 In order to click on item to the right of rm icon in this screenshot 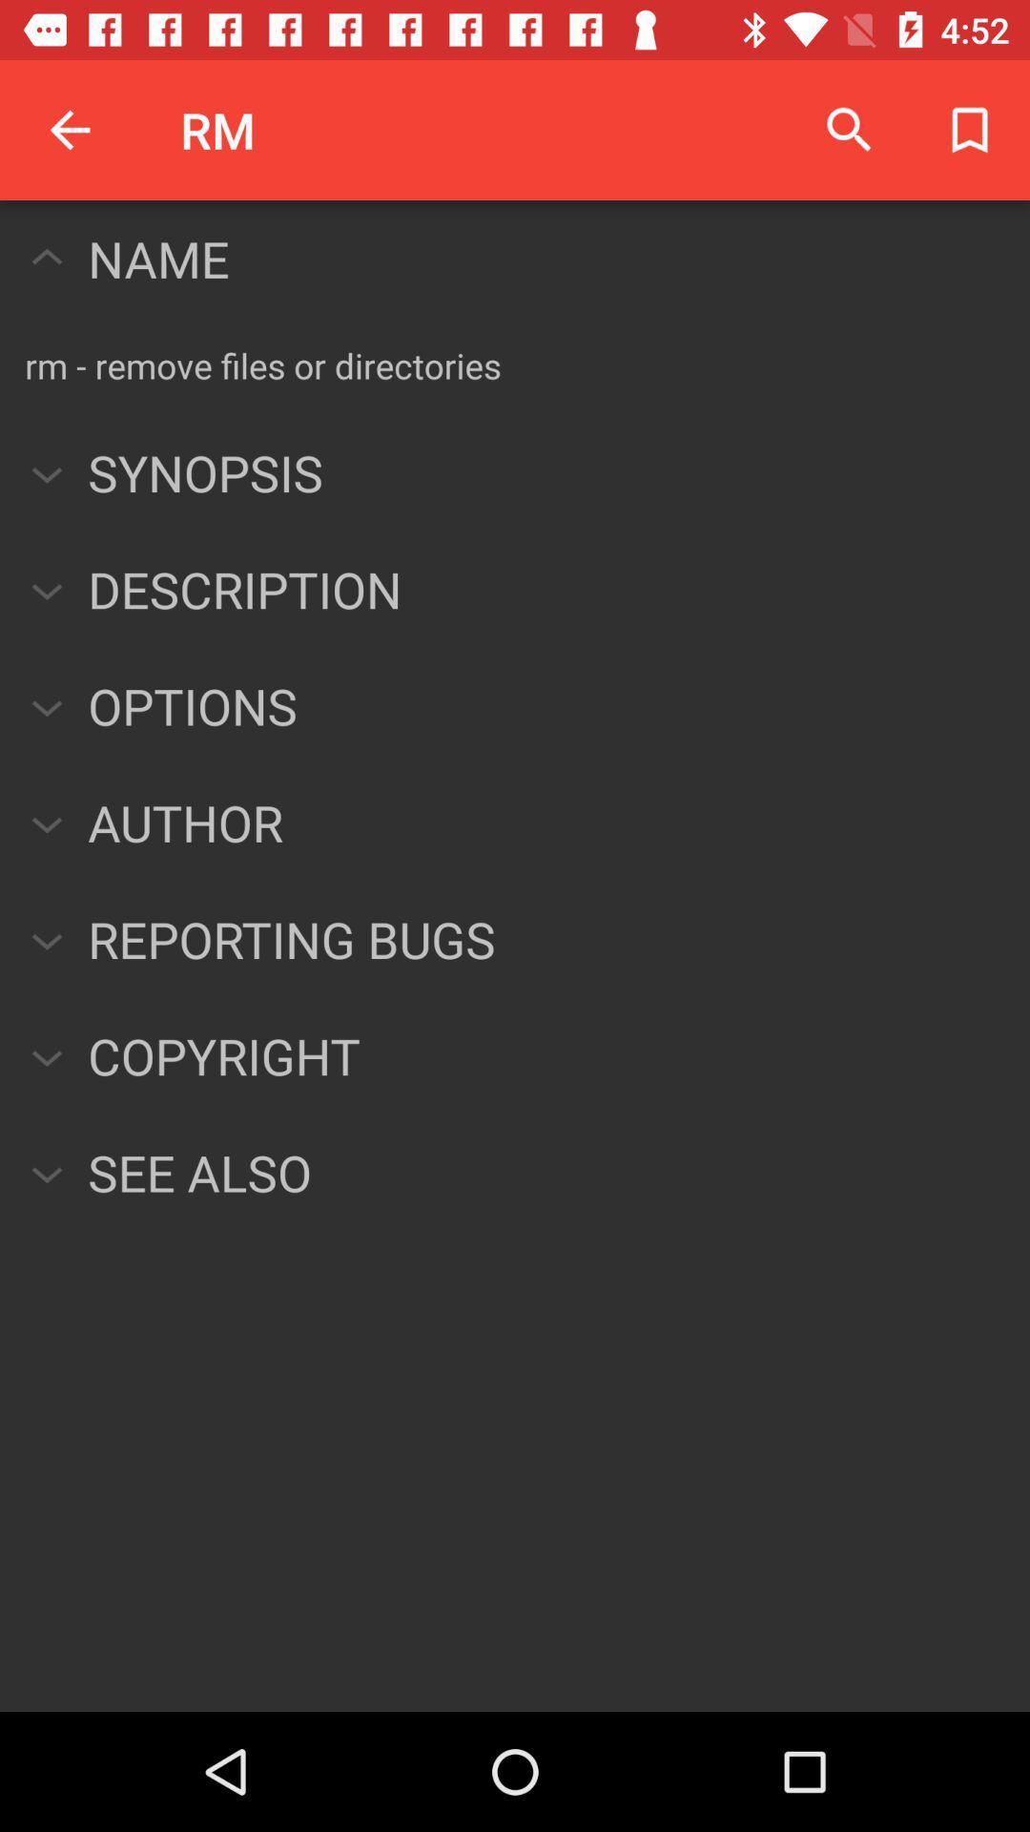, I will do `click(849, 129)`.